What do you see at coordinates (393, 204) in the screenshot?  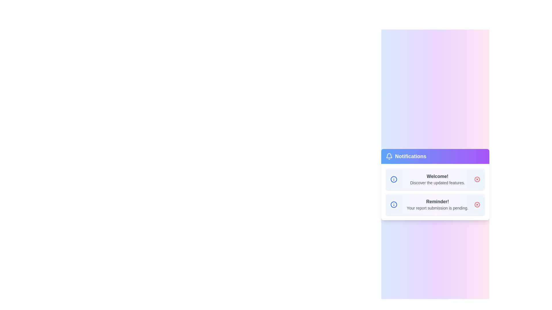 I see `the icon indicating a reminder related to the notification 'Reminder! Your report submission is pending.'` at bounding box center [393, 204].